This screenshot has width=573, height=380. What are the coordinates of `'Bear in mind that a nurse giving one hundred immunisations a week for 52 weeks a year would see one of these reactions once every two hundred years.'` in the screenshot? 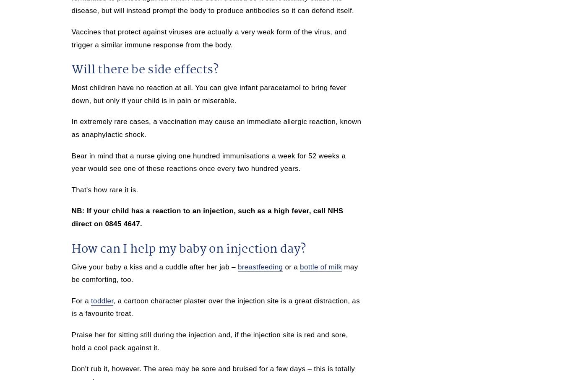 It's located at (208, 162).